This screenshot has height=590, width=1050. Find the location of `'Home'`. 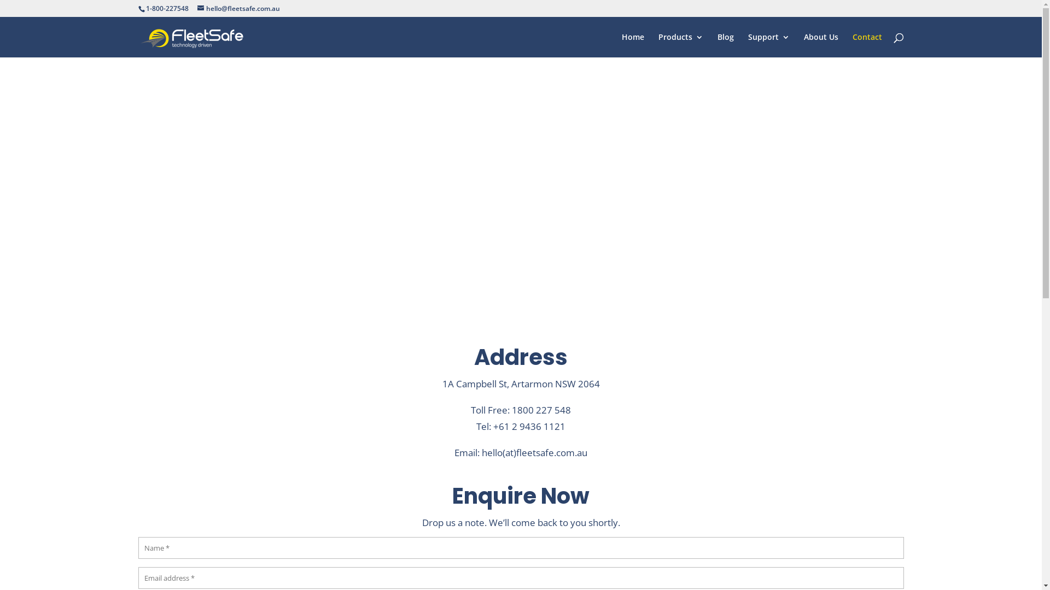

'Home' is located at coordinates (632, 45).